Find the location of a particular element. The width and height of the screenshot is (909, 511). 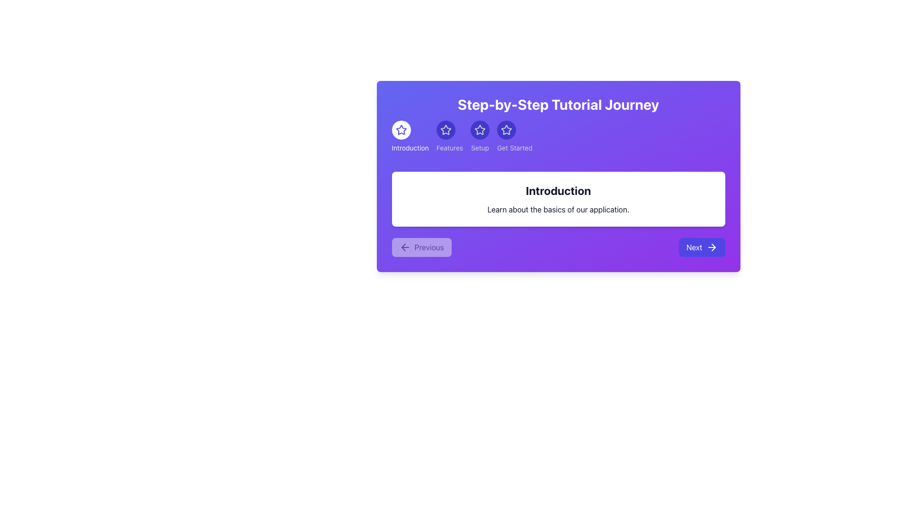

the graphical button-like indicator for the active section labeled 'Features', which is the second icon in a horizontally aligned set, slightly below the header 'Step-by-Step Tutorial Journey' is located at coordinates (445, 130).